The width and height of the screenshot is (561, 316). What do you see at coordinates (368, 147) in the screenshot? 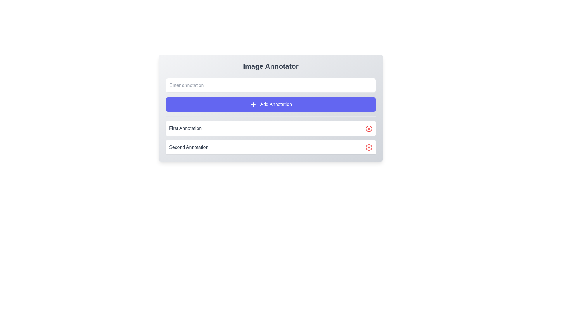
I see `the delete button icon for 'Second Annotation' located to the right of its label in the lower section of the interface` at bounding box center [368, 147].